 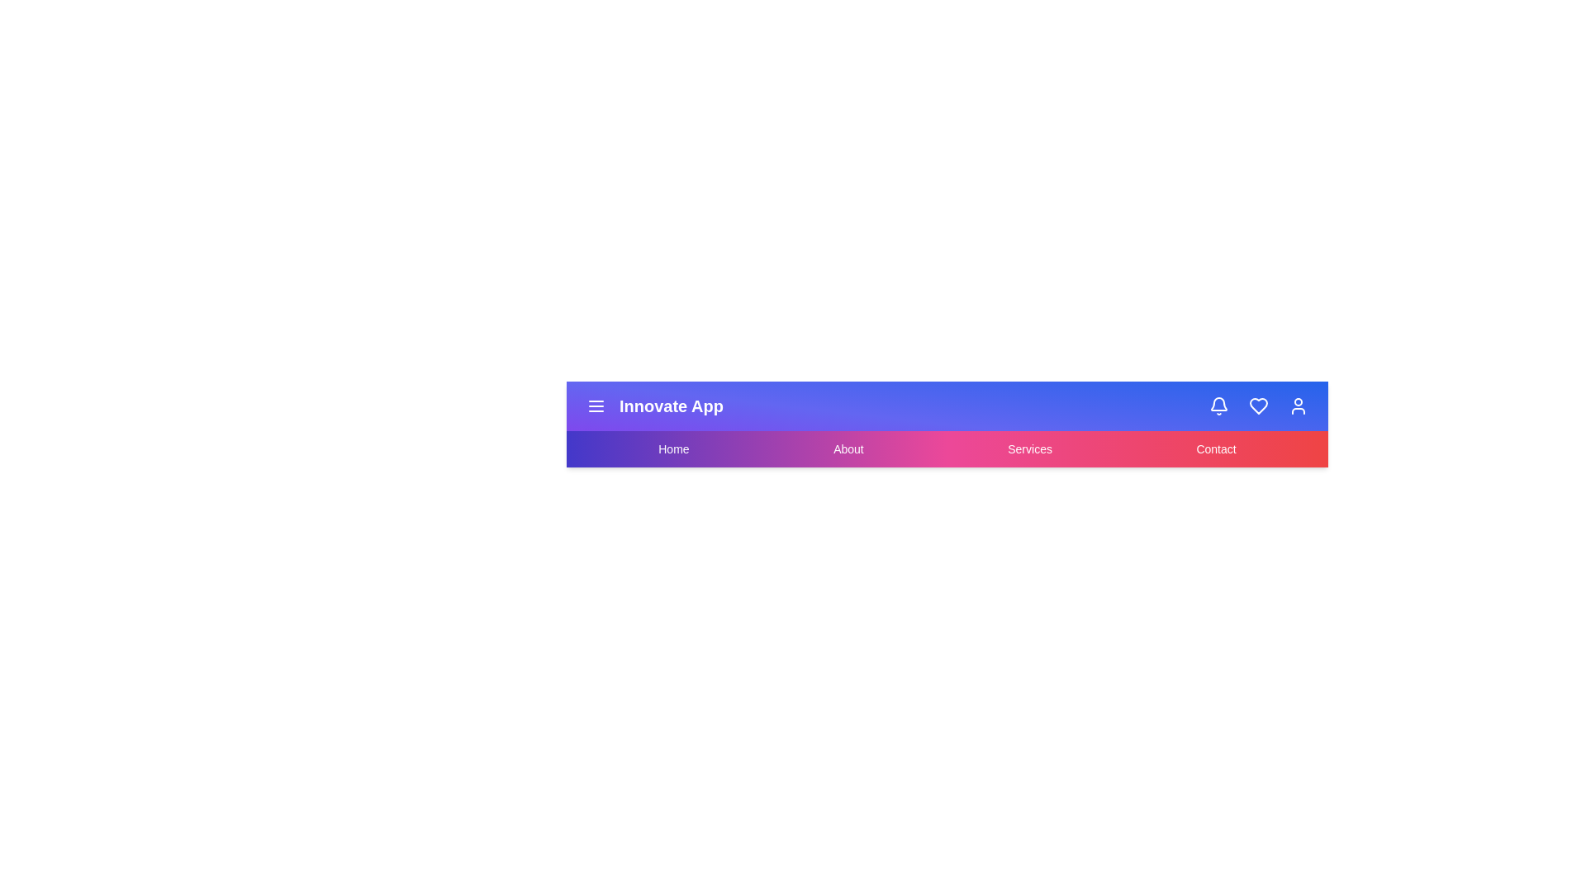 I want to click on the gradient navigation bar, so click(x=947, y=448).